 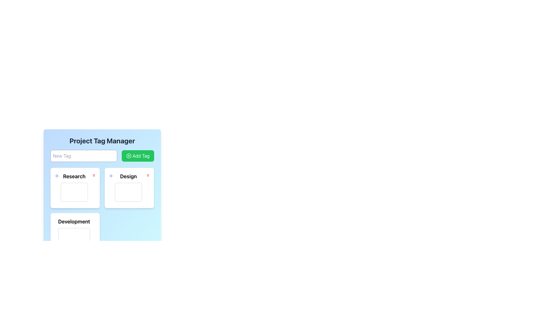 What do you see at coordinates (111, 175) in the screenshot?
I see `the settings configuration button located in the upper right corner of the 'Design' section` at bounding box center [111, 175].